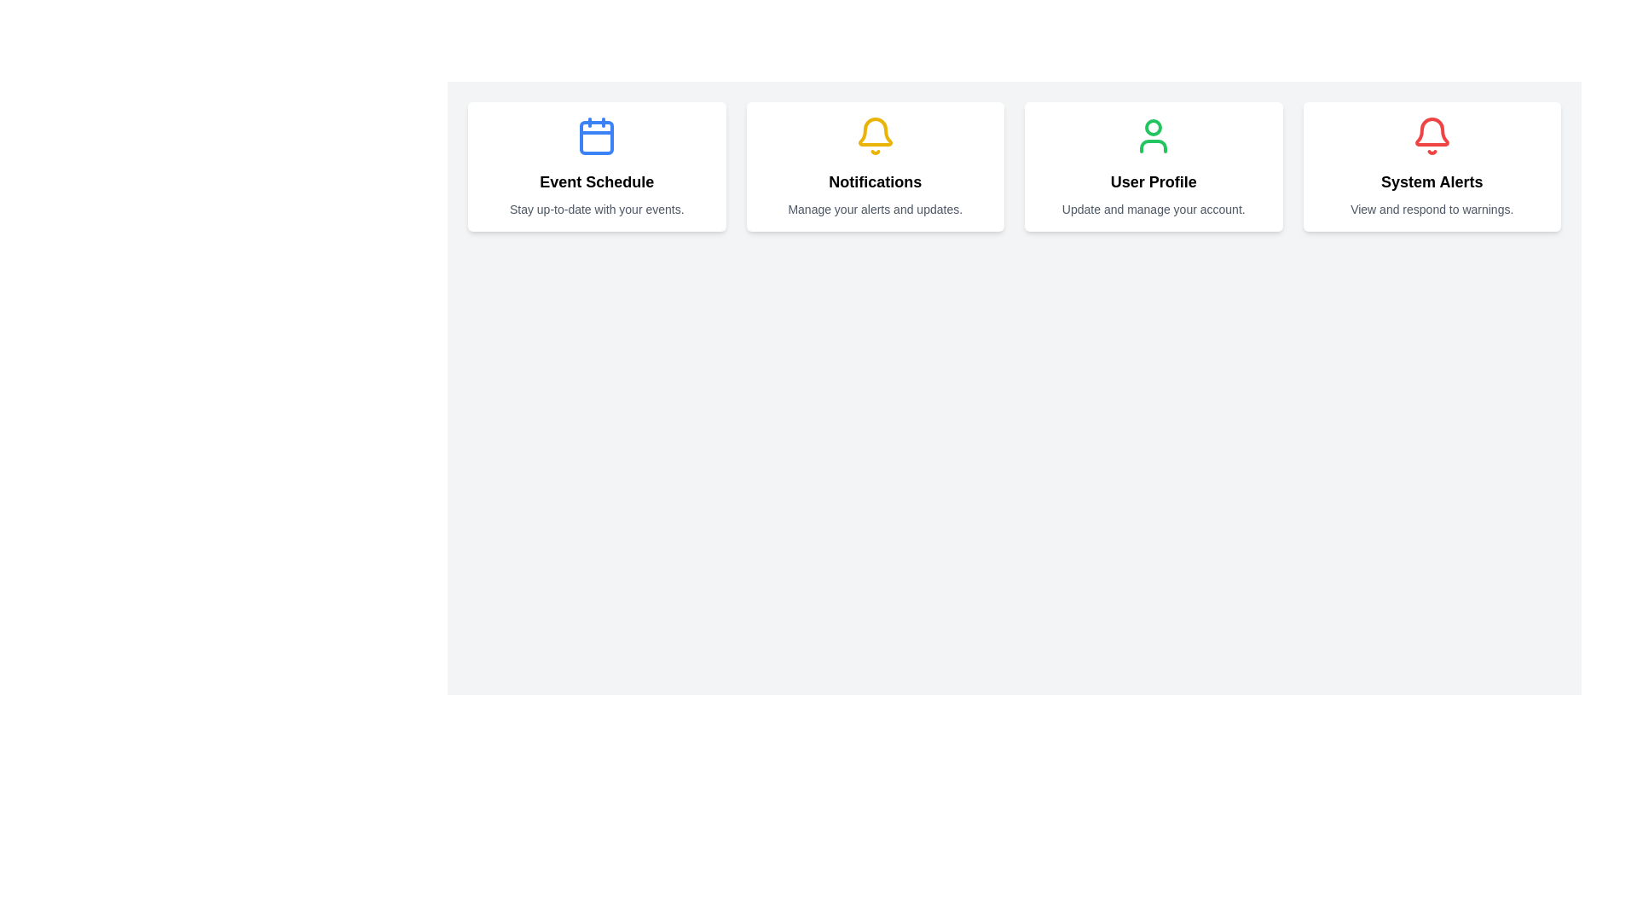  What do you see at coordinates (1154, 181) in the screenshot?
I see `the 'User Profile' text label, which is prominently displayed in bold font within the third card of a horizontal sequence of four cards` at bounding box center [1154, 181].